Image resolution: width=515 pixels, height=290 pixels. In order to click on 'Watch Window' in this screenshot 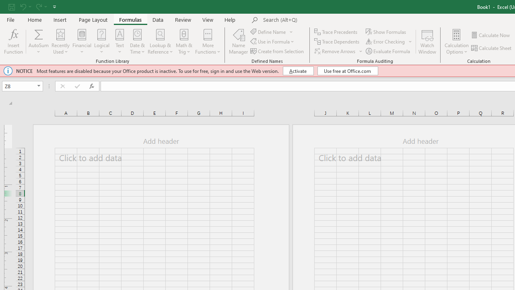, I will do `click(427, 41)`.